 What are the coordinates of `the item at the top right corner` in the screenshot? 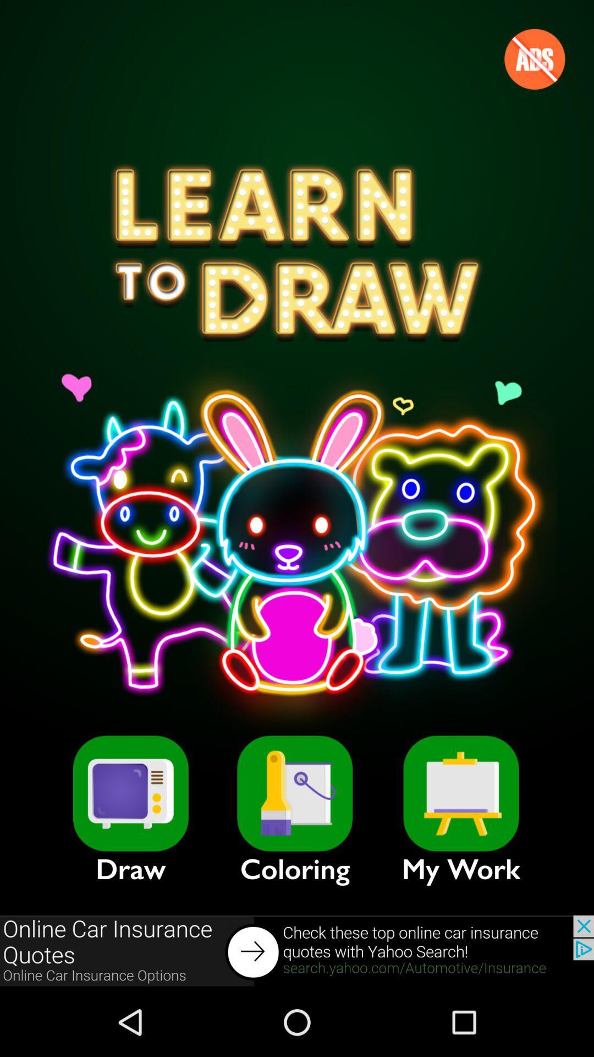 It's located at (534, 58).